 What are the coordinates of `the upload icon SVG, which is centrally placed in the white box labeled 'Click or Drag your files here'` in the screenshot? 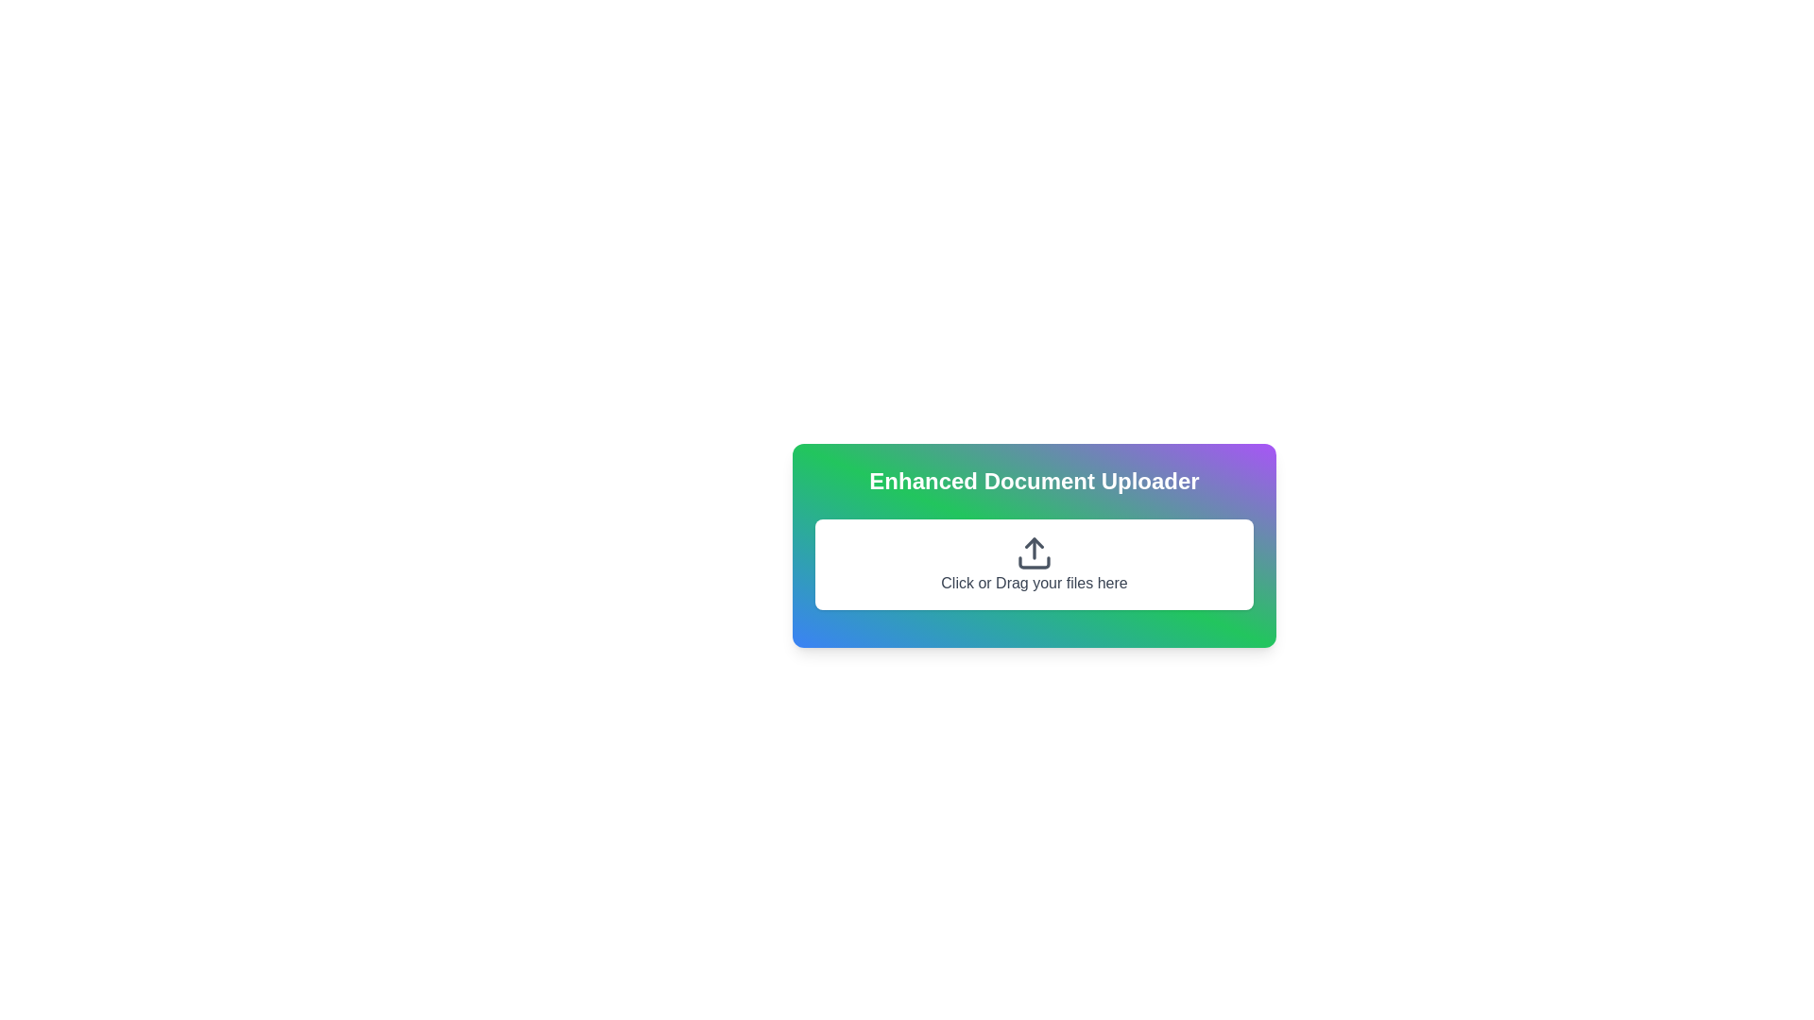 It's located at (1033, 552).